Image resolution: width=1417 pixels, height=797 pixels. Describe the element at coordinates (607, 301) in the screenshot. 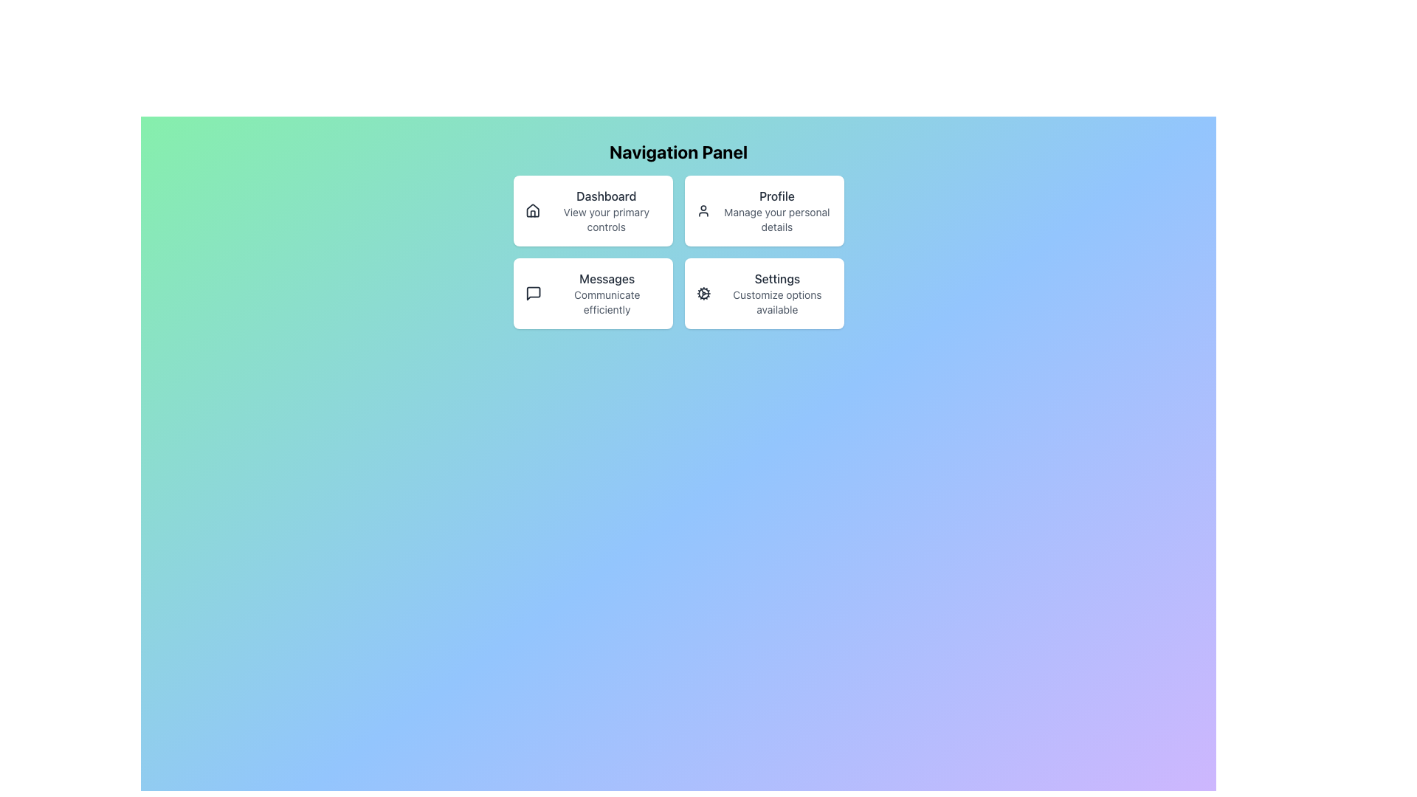

I see `the text element displaying 'Communicate efficiently' located below the 'Messages' heading in the lower section of the 'Messages' box` at that location.